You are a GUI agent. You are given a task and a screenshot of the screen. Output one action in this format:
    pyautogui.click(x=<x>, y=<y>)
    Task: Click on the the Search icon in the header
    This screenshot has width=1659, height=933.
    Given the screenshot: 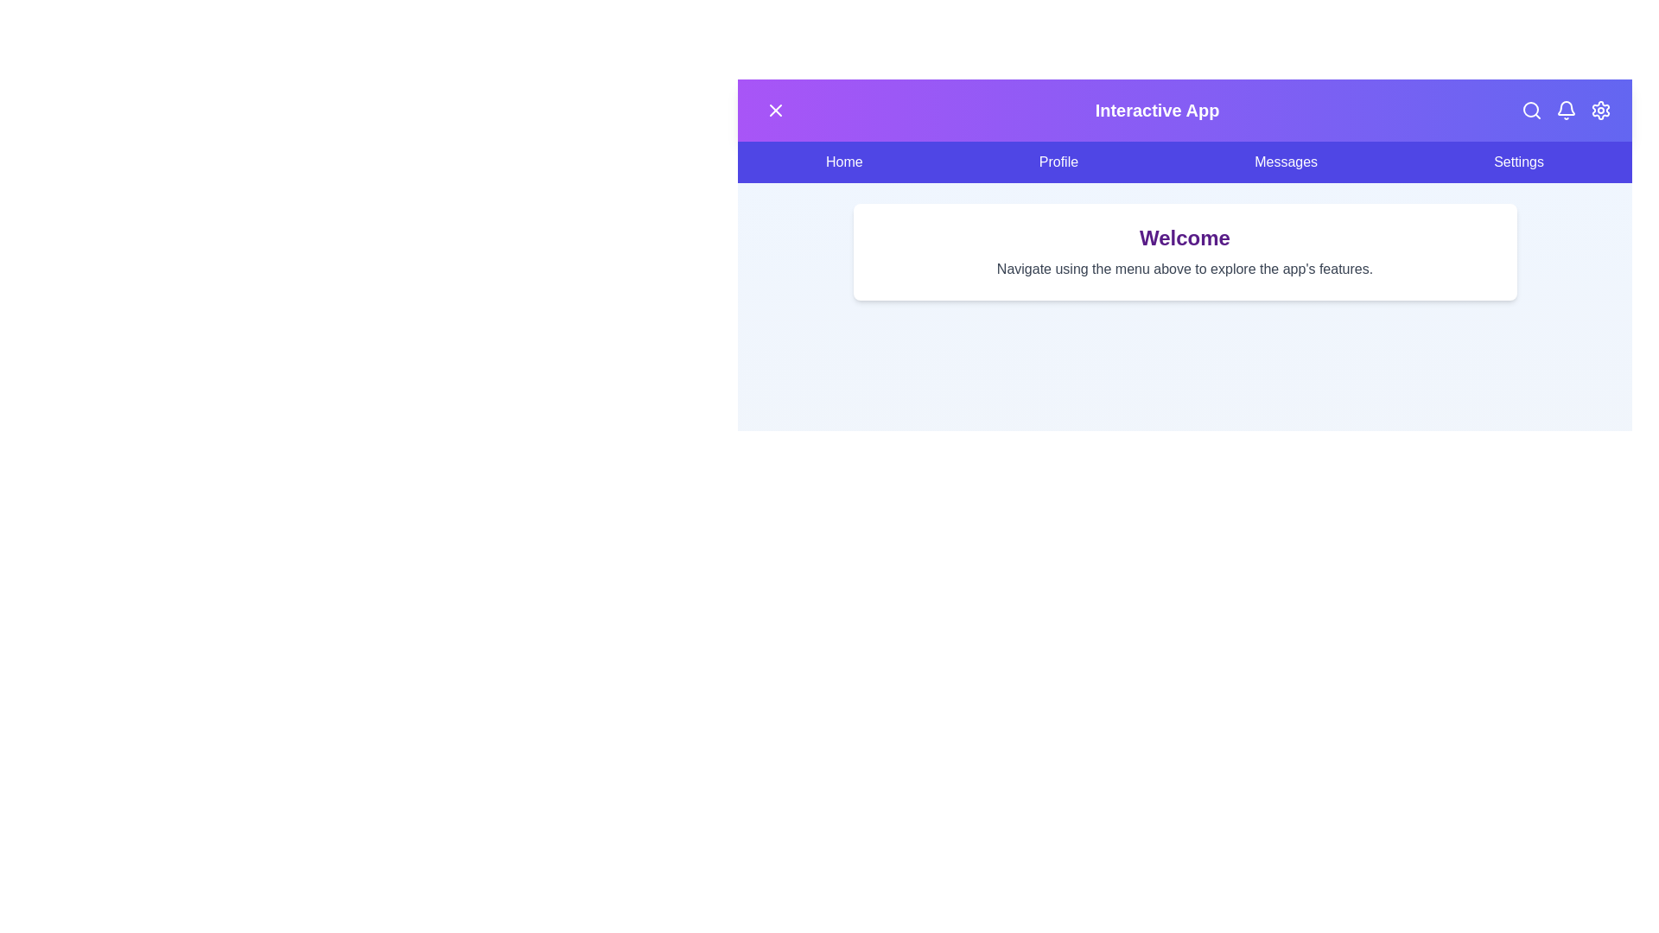 What is the action you would take?
    pyautogui.click(x=1531, y=110)
    